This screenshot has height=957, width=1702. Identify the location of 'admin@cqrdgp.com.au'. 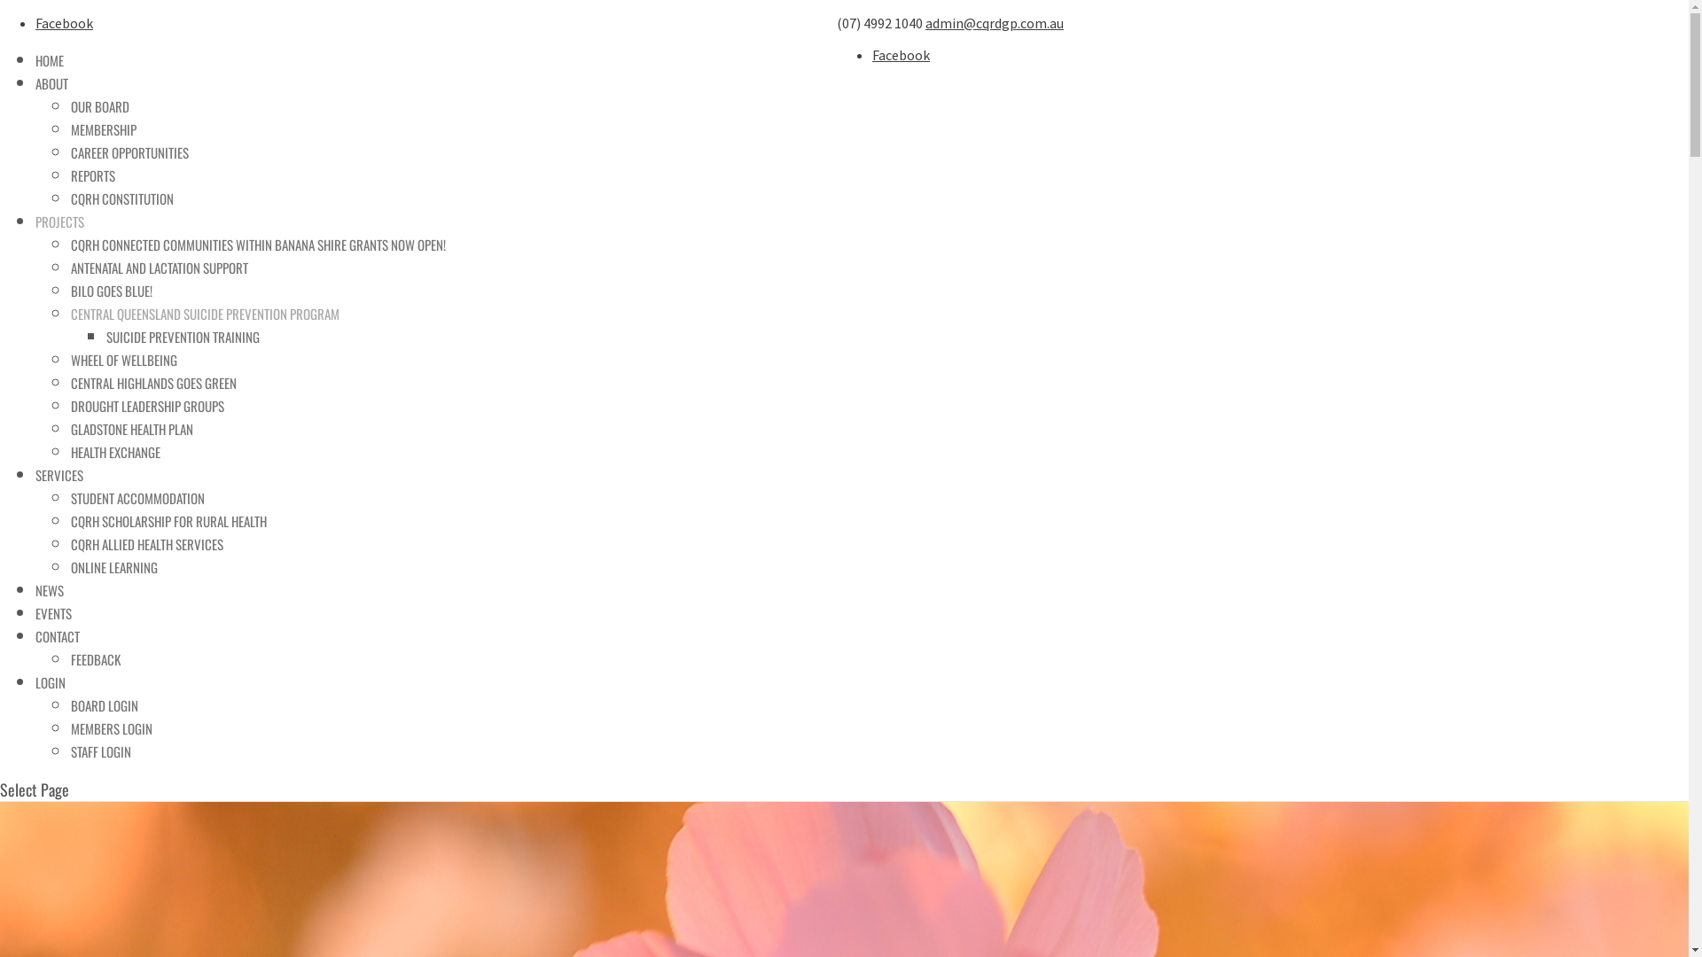
(924, 23).